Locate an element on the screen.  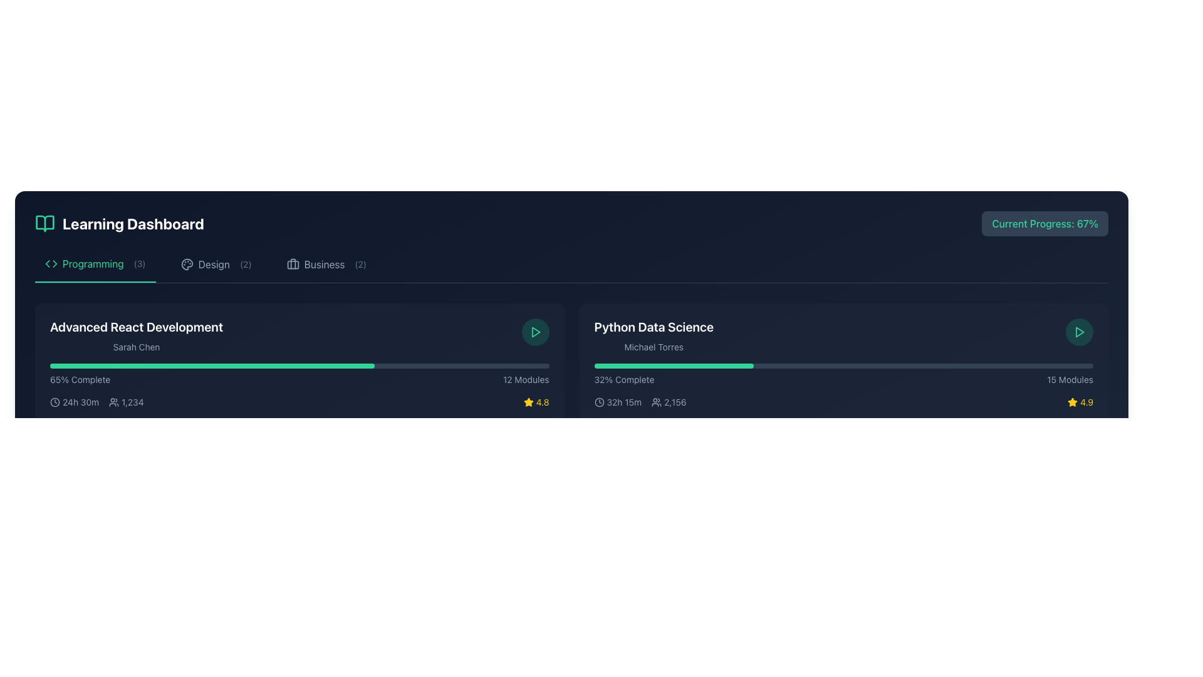
the text-based informational UI component displaying the estimated time required to complete the course module is located at coordinates (74, 402).